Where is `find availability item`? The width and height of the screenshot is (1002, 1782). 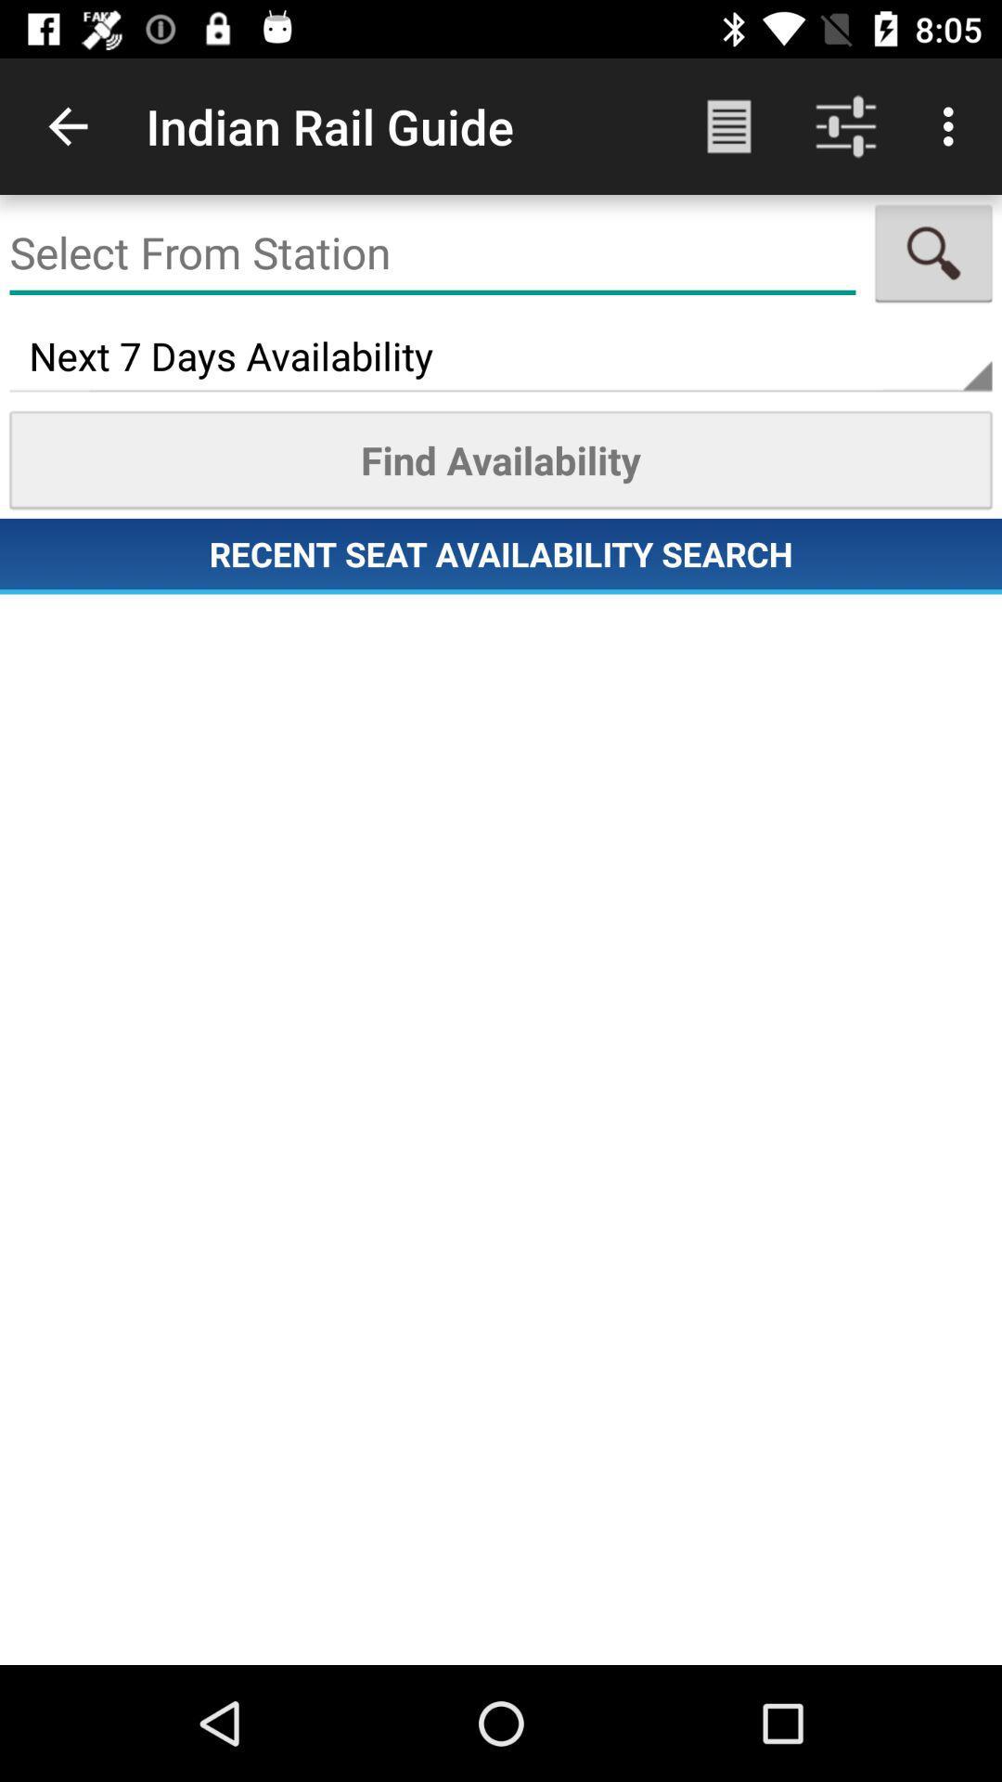 find availability item is located at coordinates (501, 459).